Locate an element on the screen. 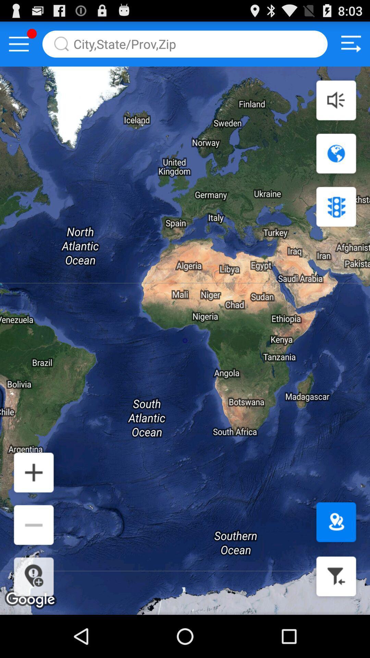 The height and width of the screenshot is (658, 370). icon shown above location icon at the bottom left corner is located at coordinates (34, 524).